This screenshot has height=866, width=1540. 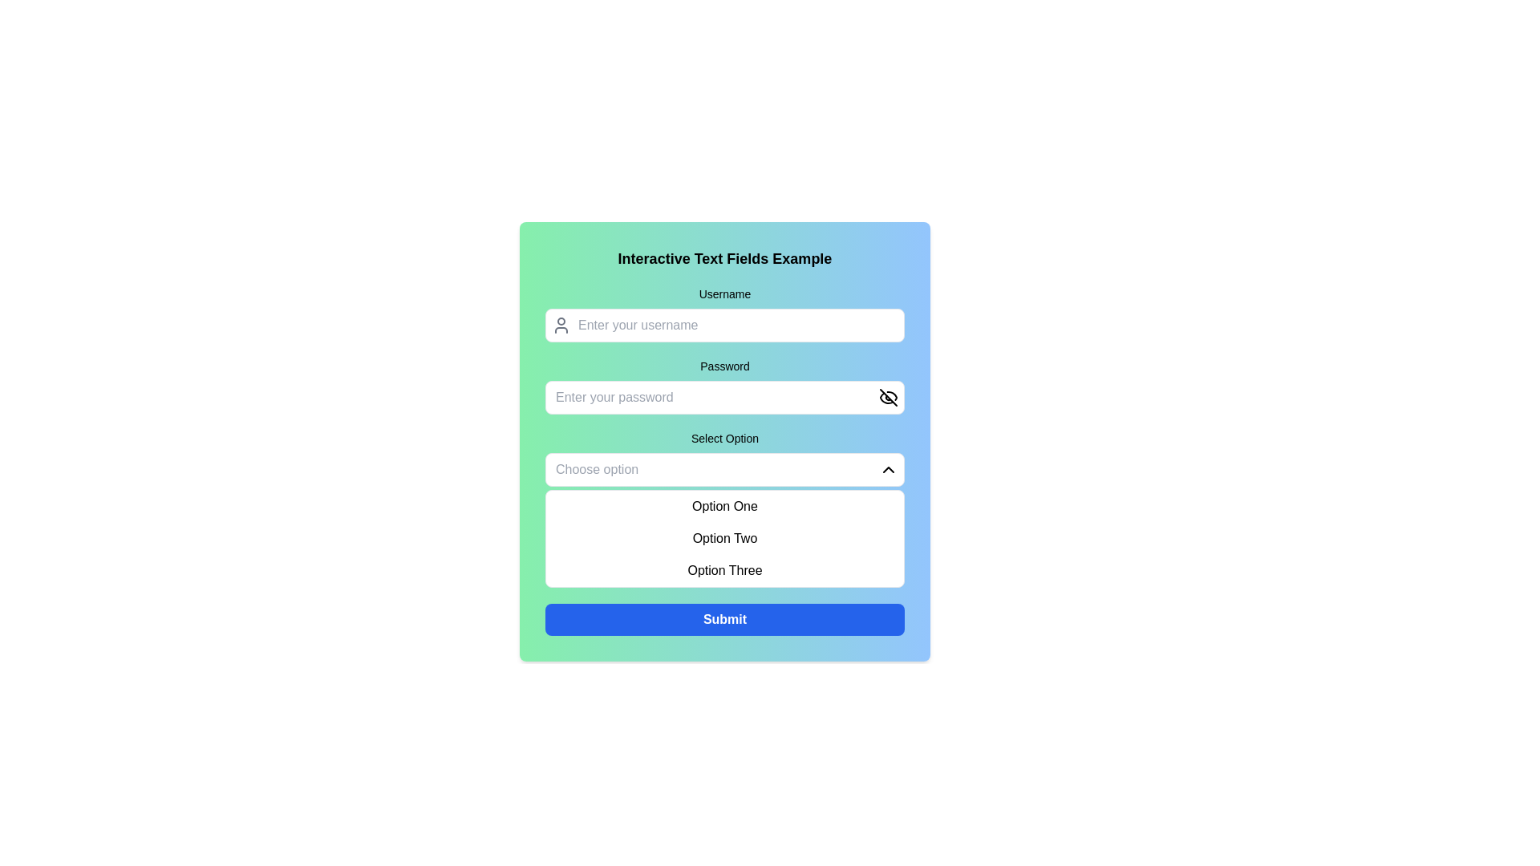 What do you see at coordinates (723, 618) in the screenshot?
I see `the 'Submit' button with a solid blue background and white bold text` at bounding box center [723, 618].